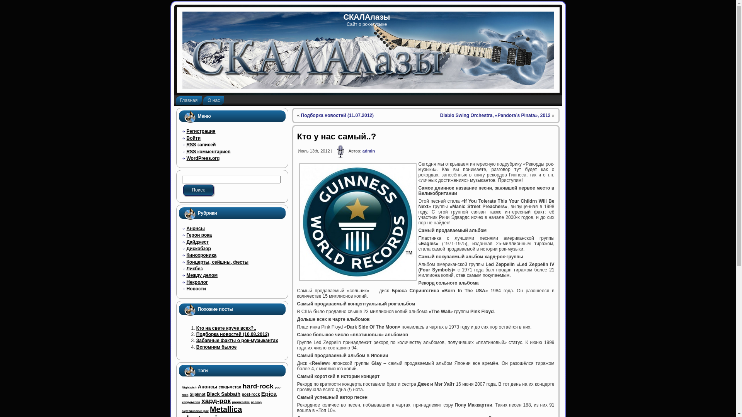 This screenshot has height=417, width=742. What do you see at coordinates (203, 158) in the screenshot?
I see `'WordPress.org'` at bounding box center [203, 158].